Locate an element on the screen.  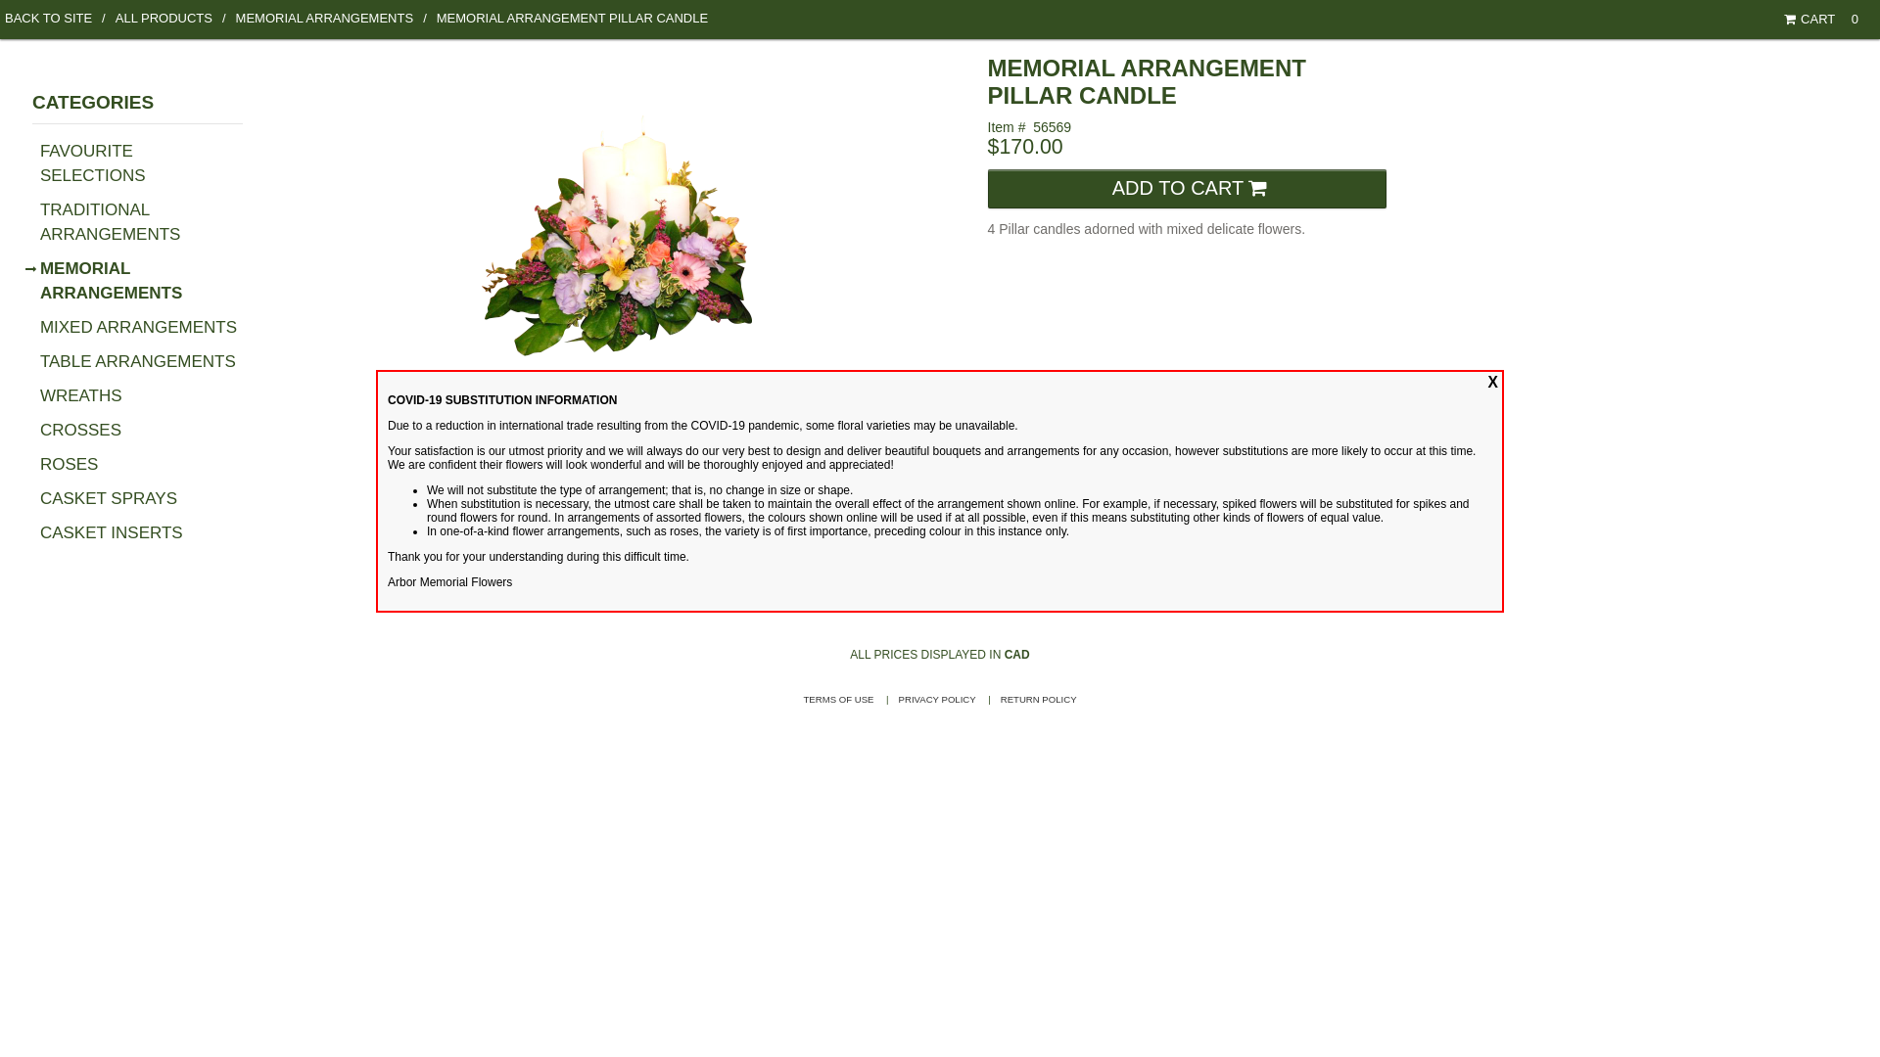
'MIXED ARRANGEMENTS' is located at coordinates (137, 326).